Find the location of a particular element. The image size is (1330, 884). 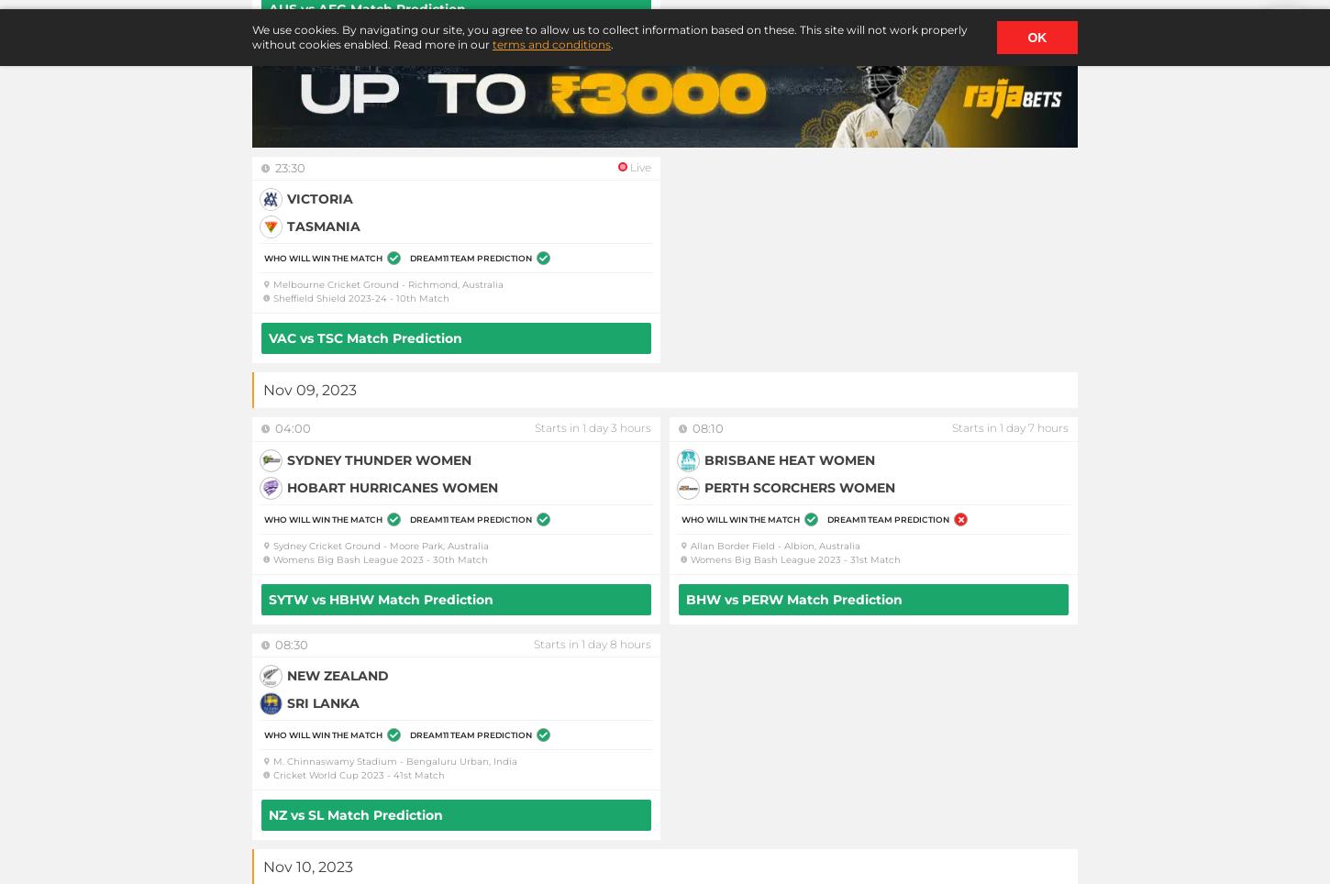

'Tasmania' is located at coordinates (323, 225).